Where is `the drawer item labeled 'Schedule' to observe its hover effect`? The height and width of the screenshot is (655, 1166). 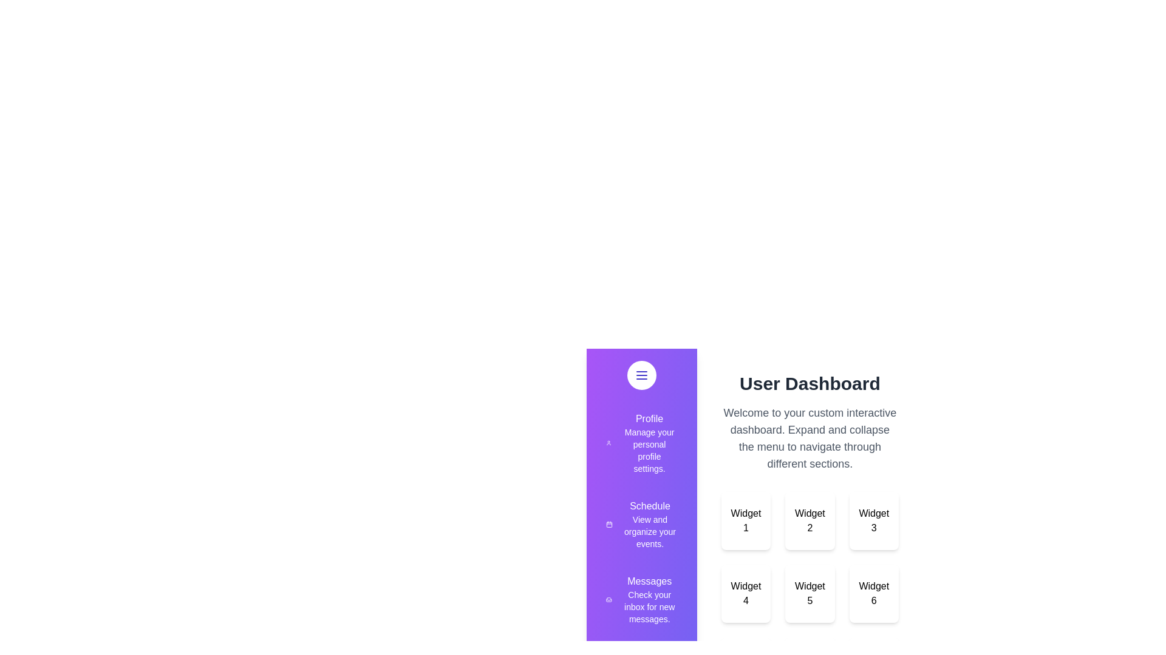 the drawer item labeled 'Schedule' to observe its hover effect is located at coordinates (641, 523).